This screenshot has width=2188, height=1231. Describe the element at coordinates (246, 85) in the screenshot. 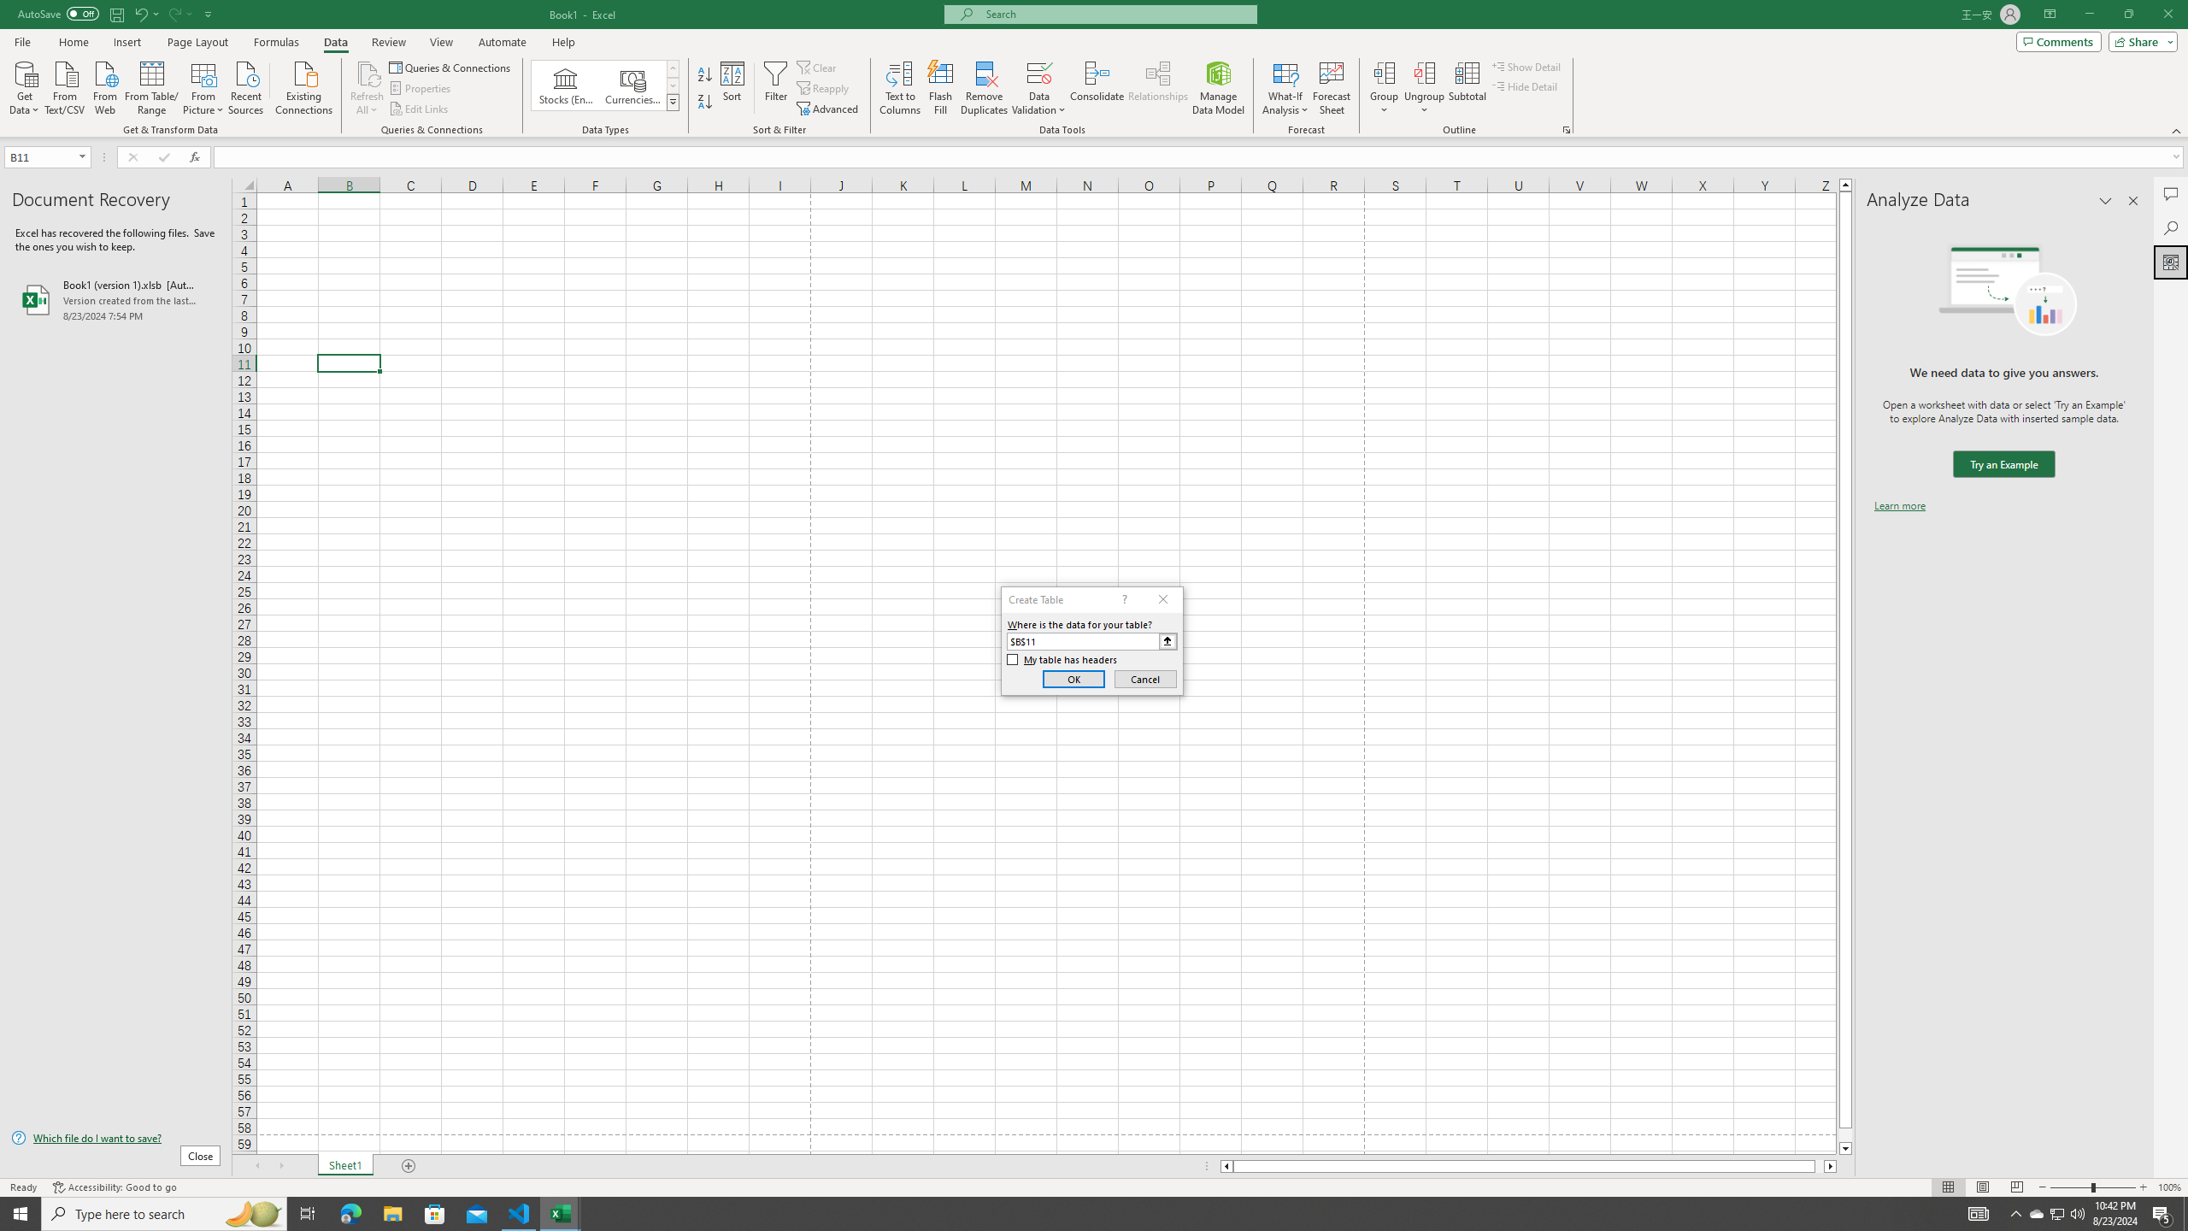

I see `'Recent Sources'` at that location.